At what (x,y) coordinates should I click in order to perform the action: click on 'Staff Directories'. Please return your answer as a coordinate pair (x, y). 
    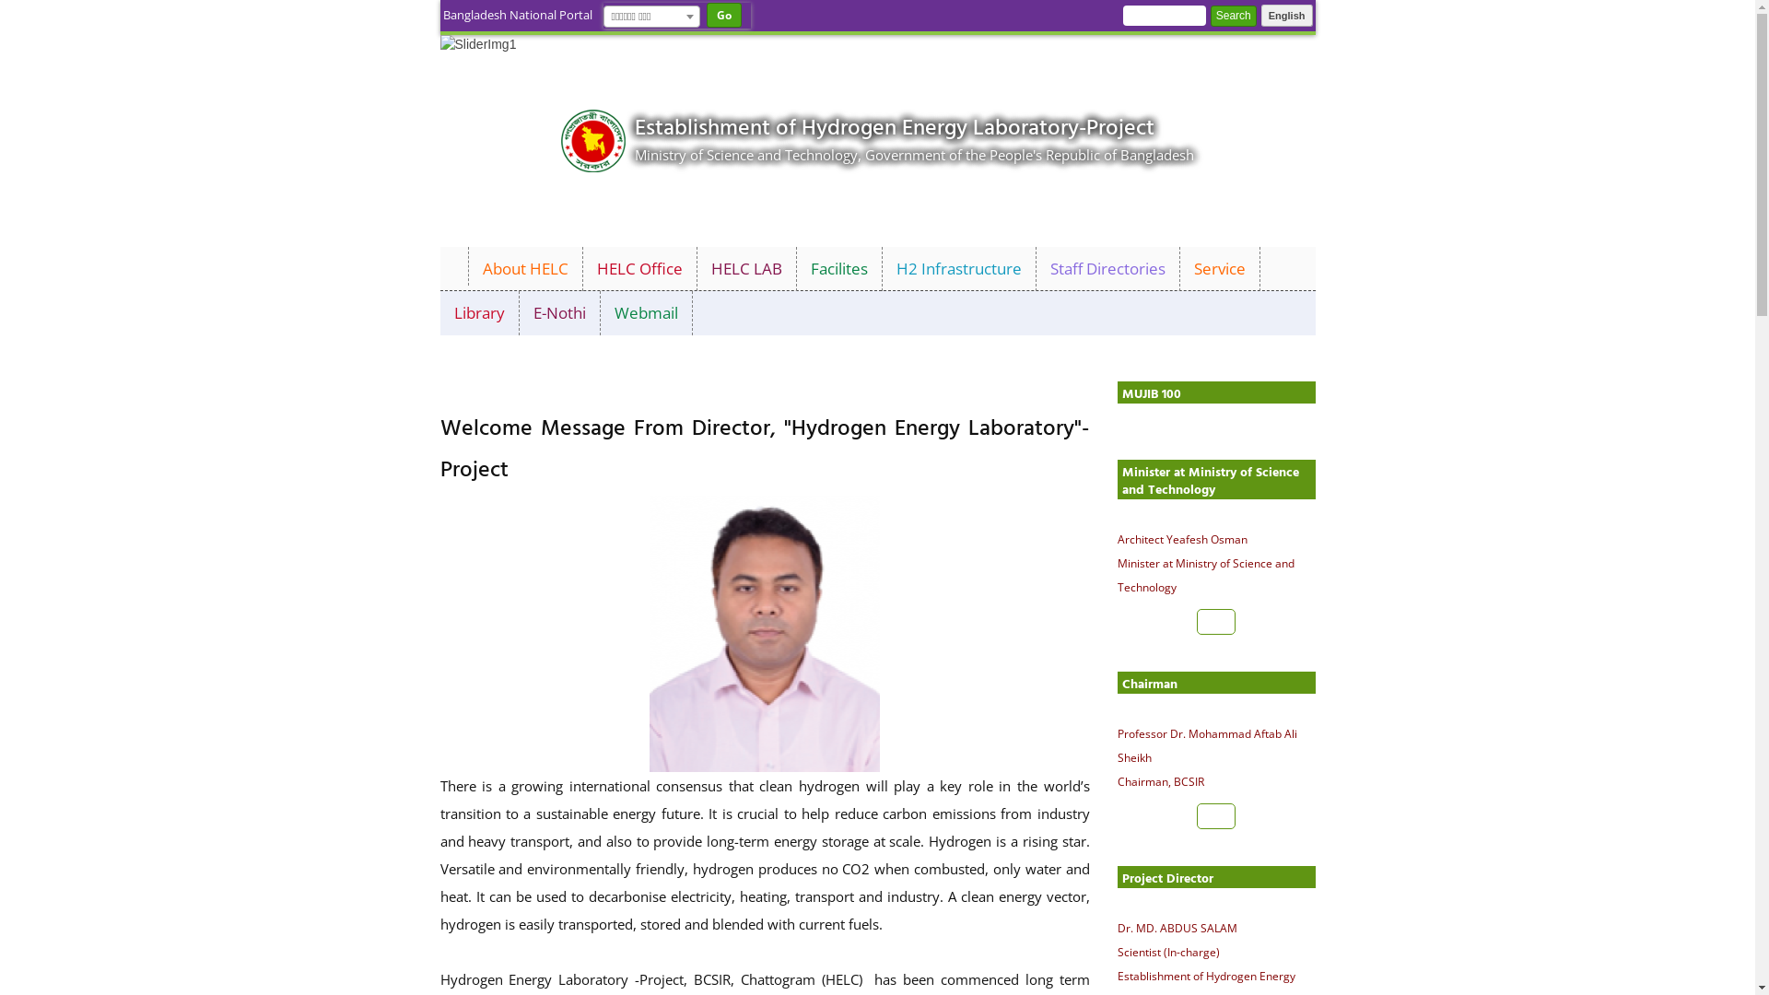
    Looking at the image, I should click on (1035, 269).